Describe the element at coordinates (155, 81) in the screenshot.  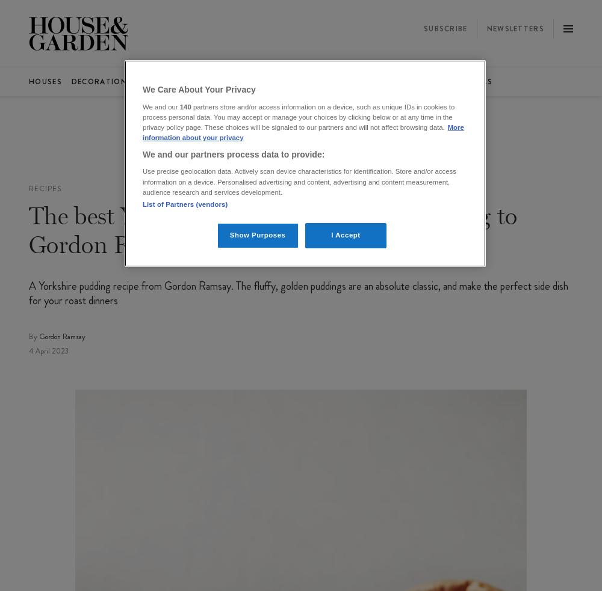
I see `'Gardens'` at that location.